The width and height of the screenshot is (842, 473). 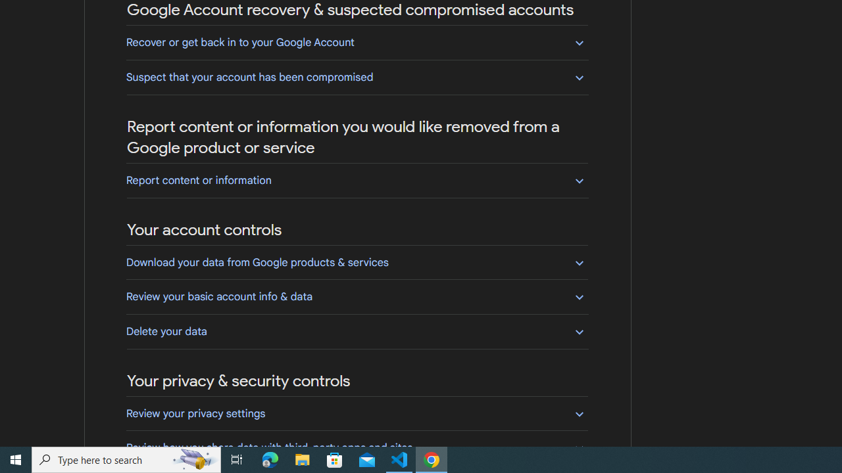 What do you see at coordinates (357, 180) in the screenshot?
I see `'Report content or information'` at bounding box center [357, 180].